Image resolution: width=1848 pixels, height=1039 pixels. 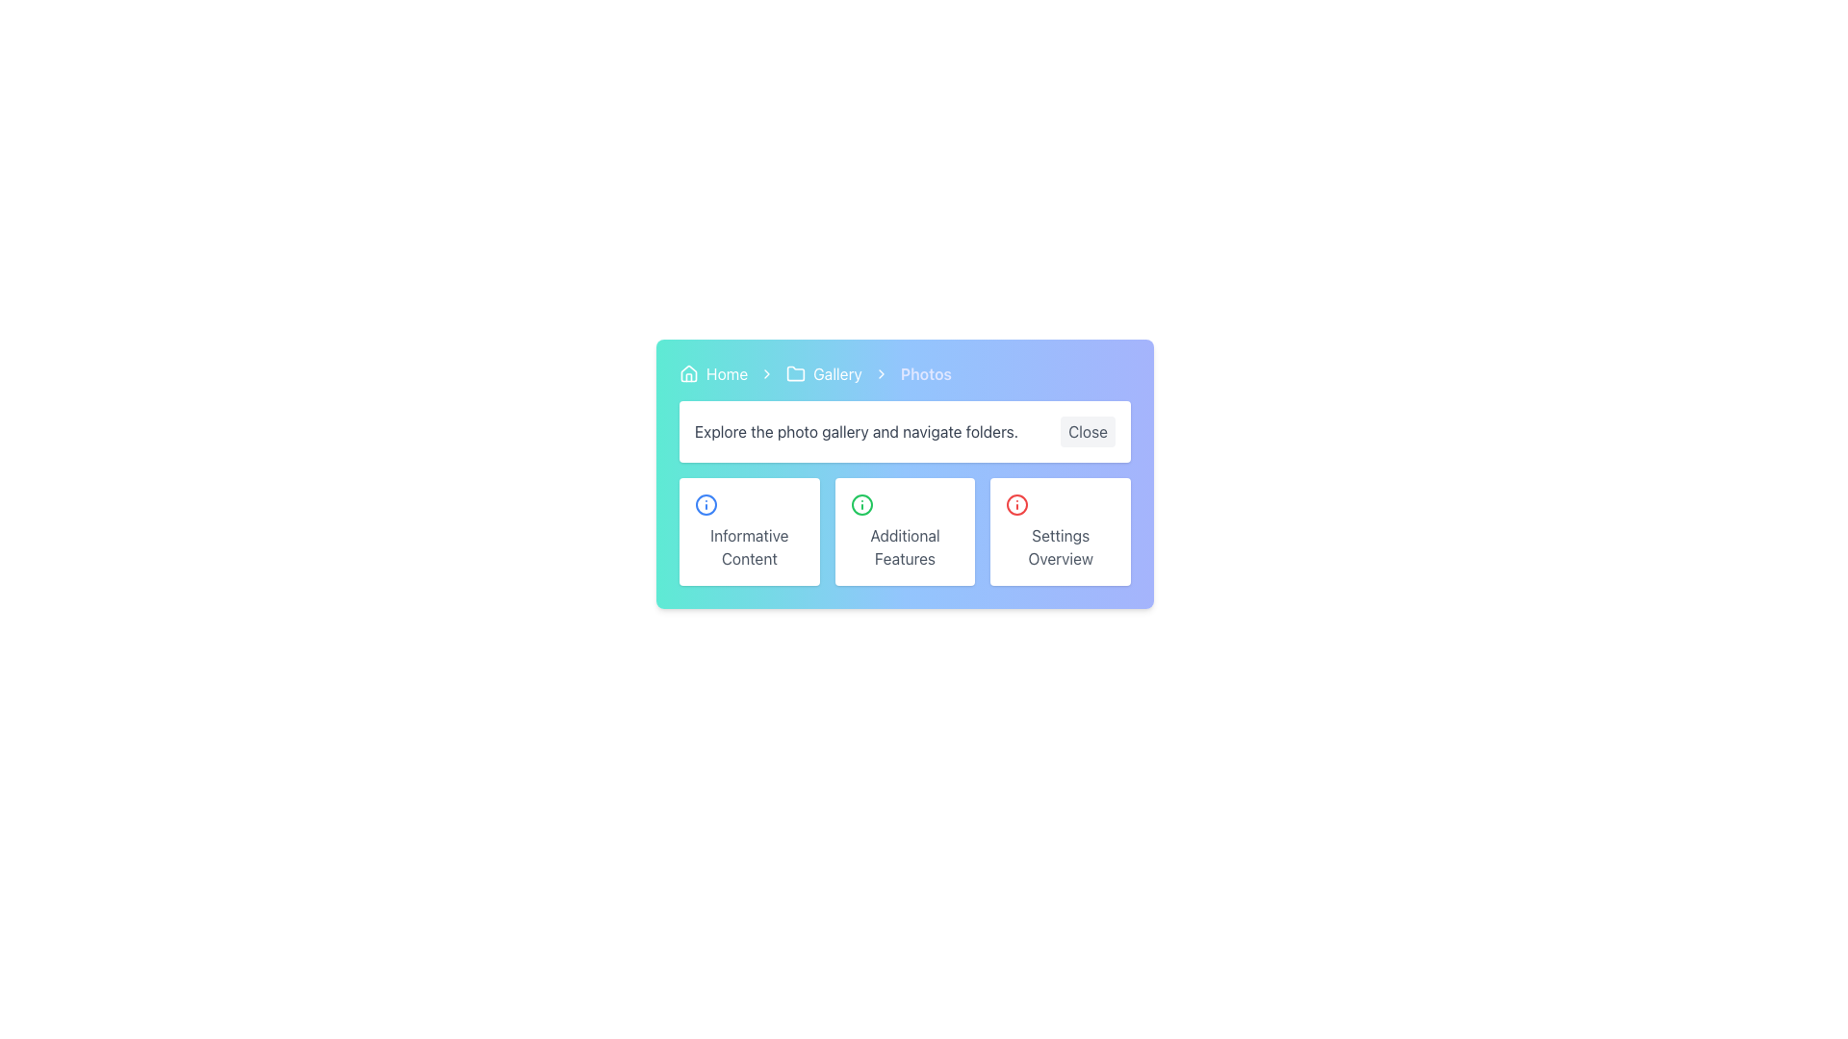 I want to click on the 'Photos' text label element, which is styled in bold indigo font and is the last item in the breadcrumb navigation bar, so click(x=926, y=374).